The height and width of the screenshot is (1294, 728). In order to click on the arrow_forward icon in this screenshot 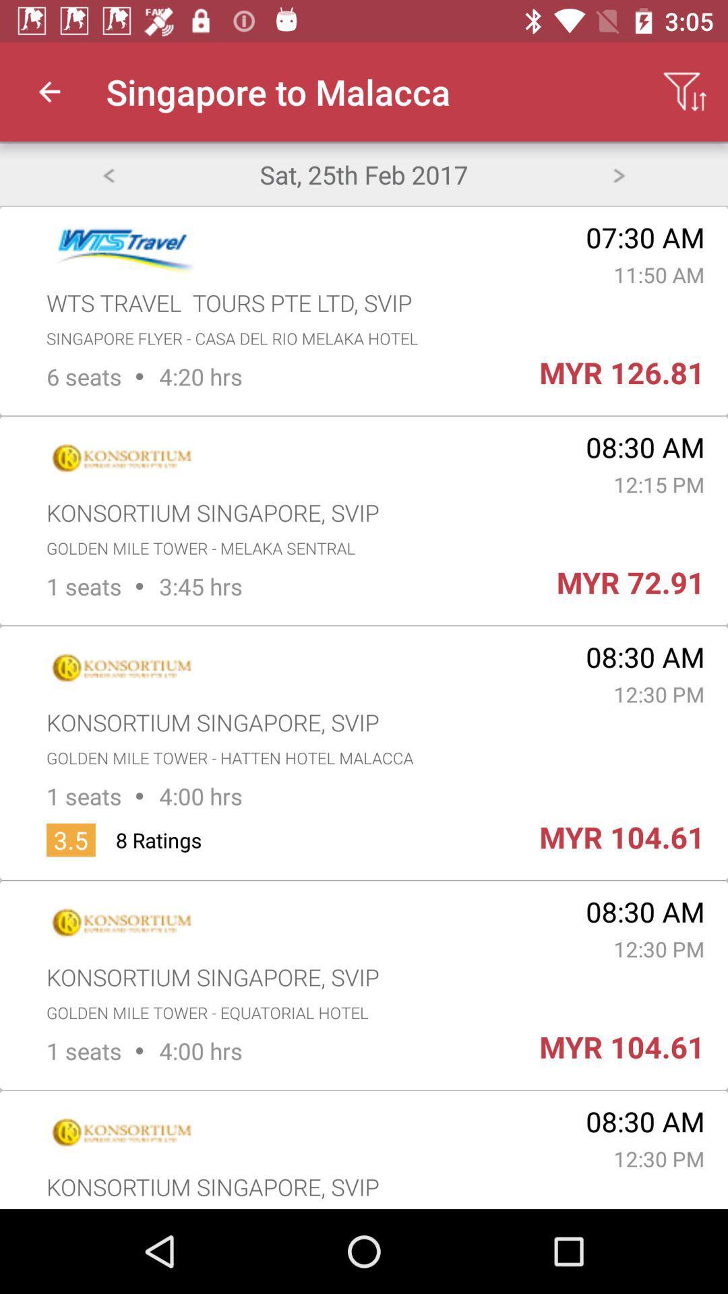, I will do `click(619, 173)`.